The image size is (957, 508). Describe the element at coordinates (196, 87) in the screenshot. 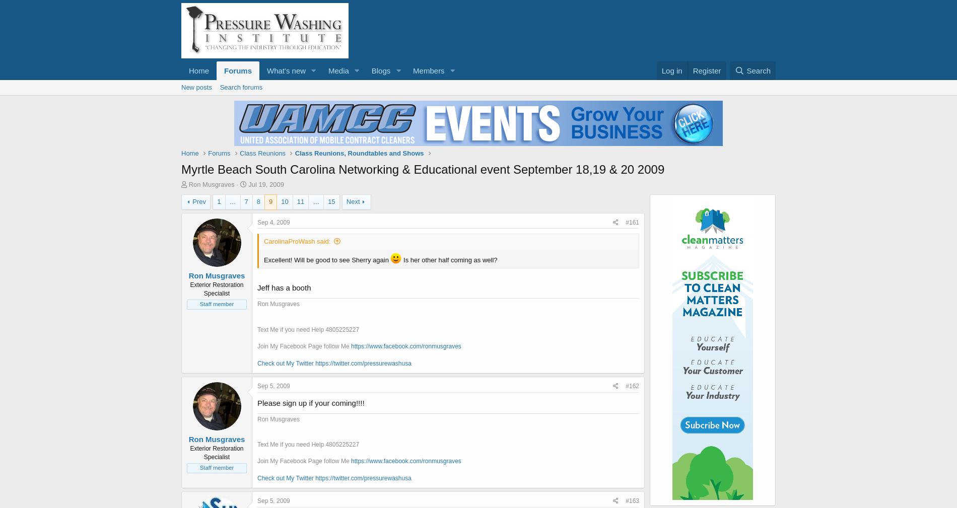

I see `'New posts'` at that location.